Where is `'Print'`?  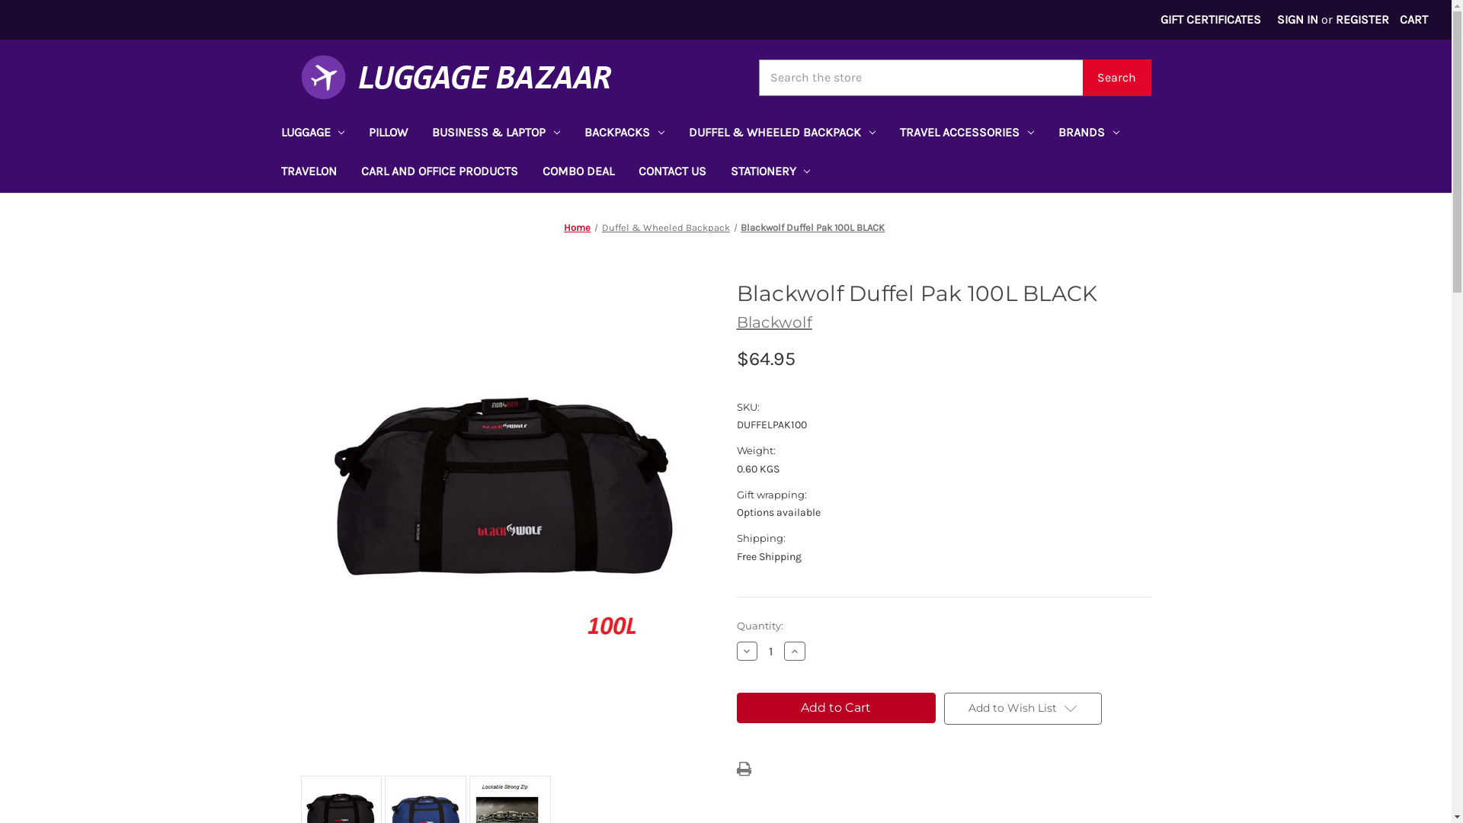
'Print' is located at coordinates (743, 769).